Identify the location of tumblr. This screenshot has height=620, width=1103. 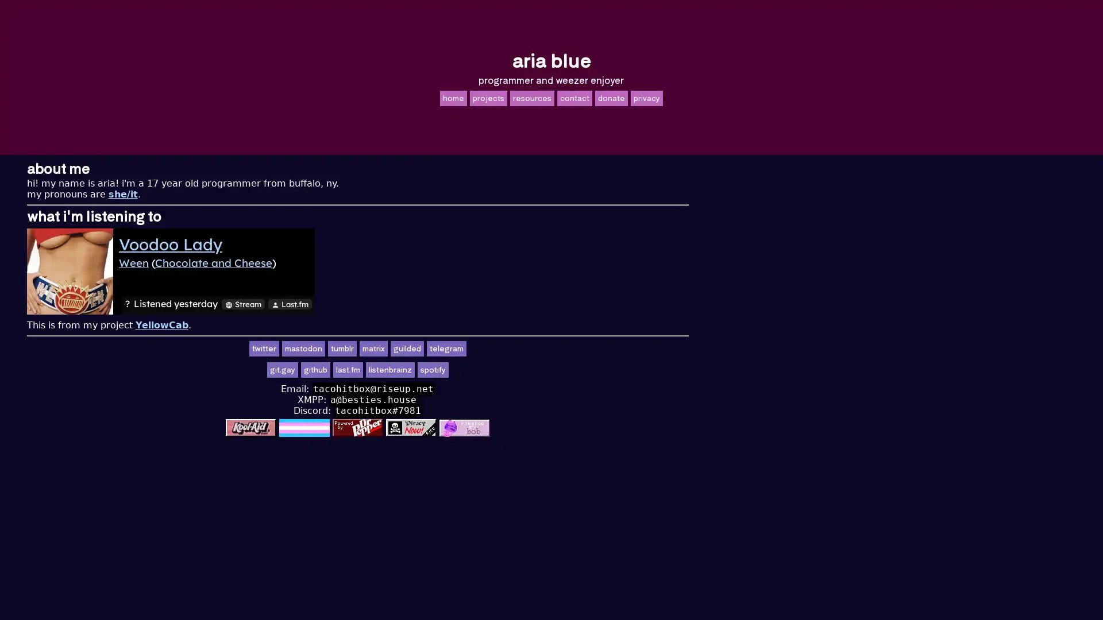
(535, 348).